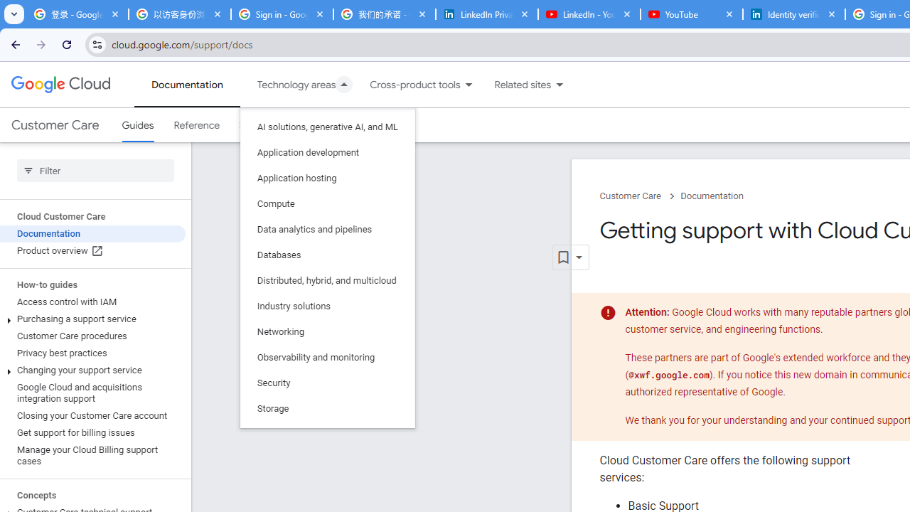  I want to click on 'Dropdown menu for Related sites', so click(559, 85).